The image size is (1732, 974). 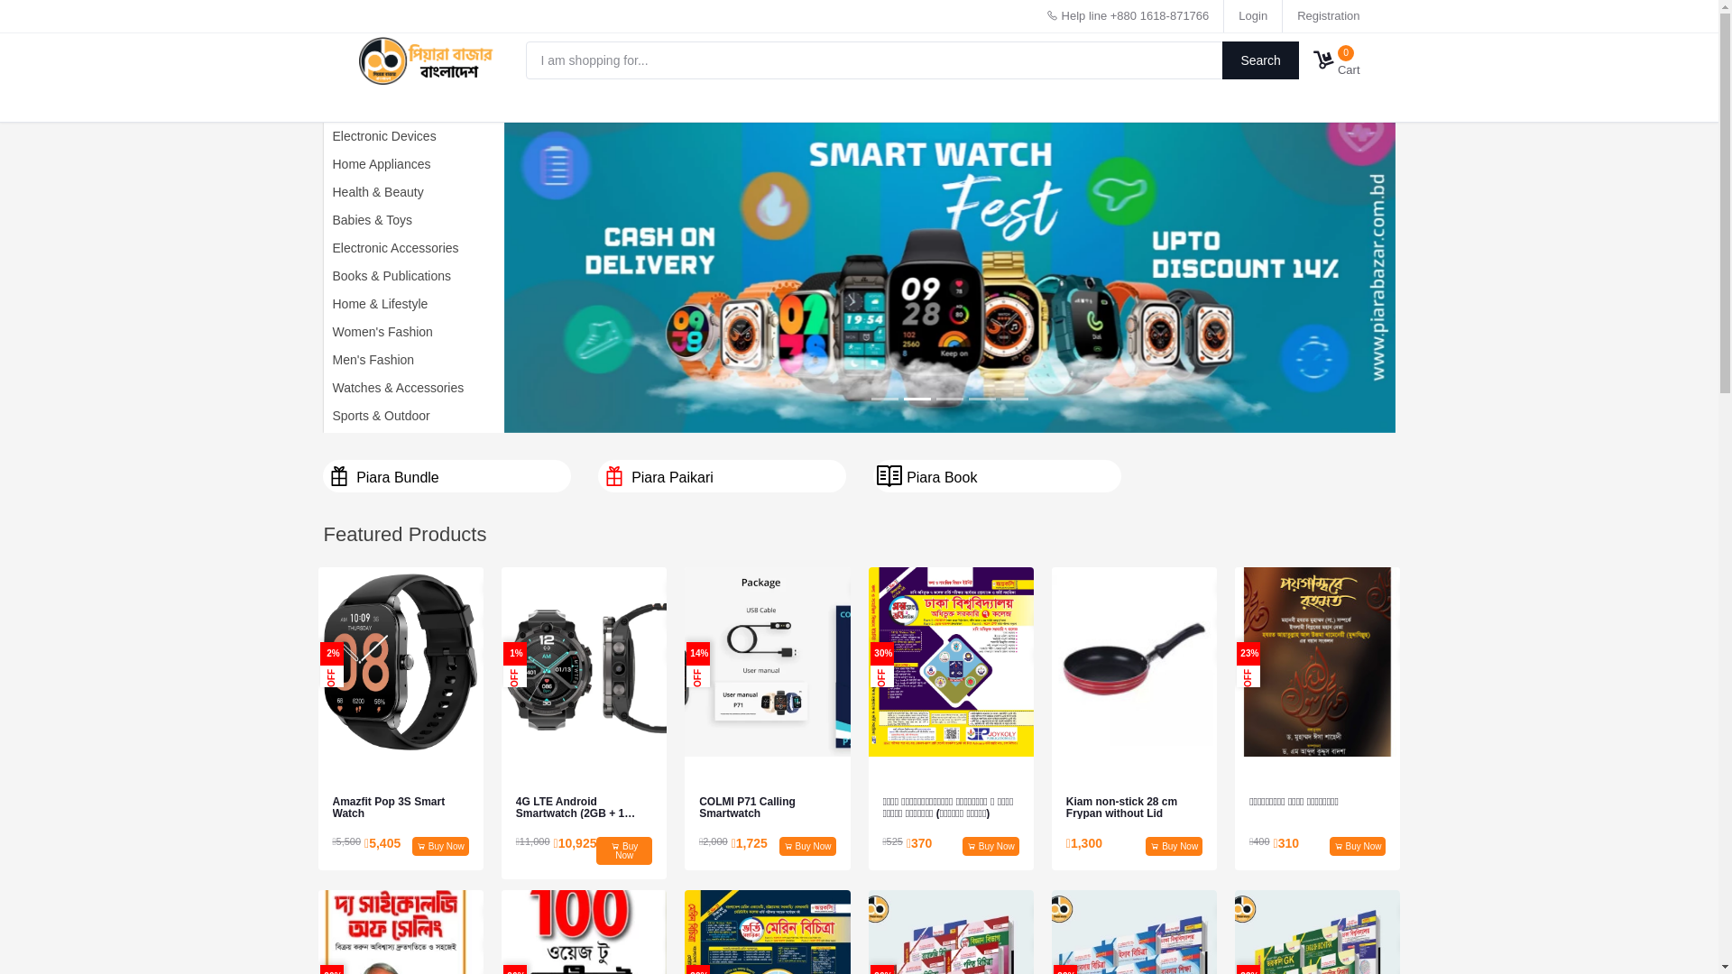 I want to click on 'Books & Publications', so click(x=385, y=275).